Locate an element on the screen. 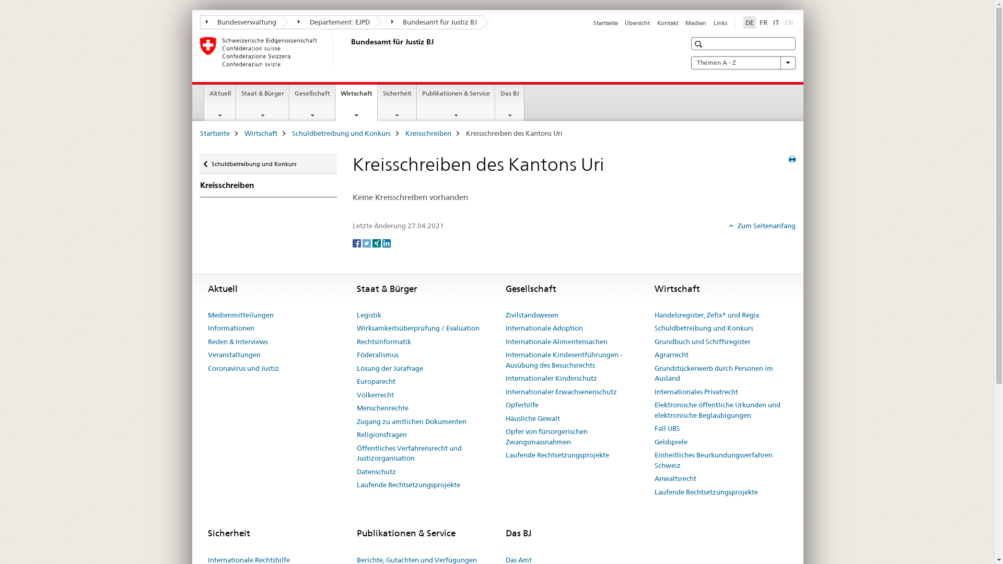  'Anwaltsrecht' is located at coordinates (674, 479).